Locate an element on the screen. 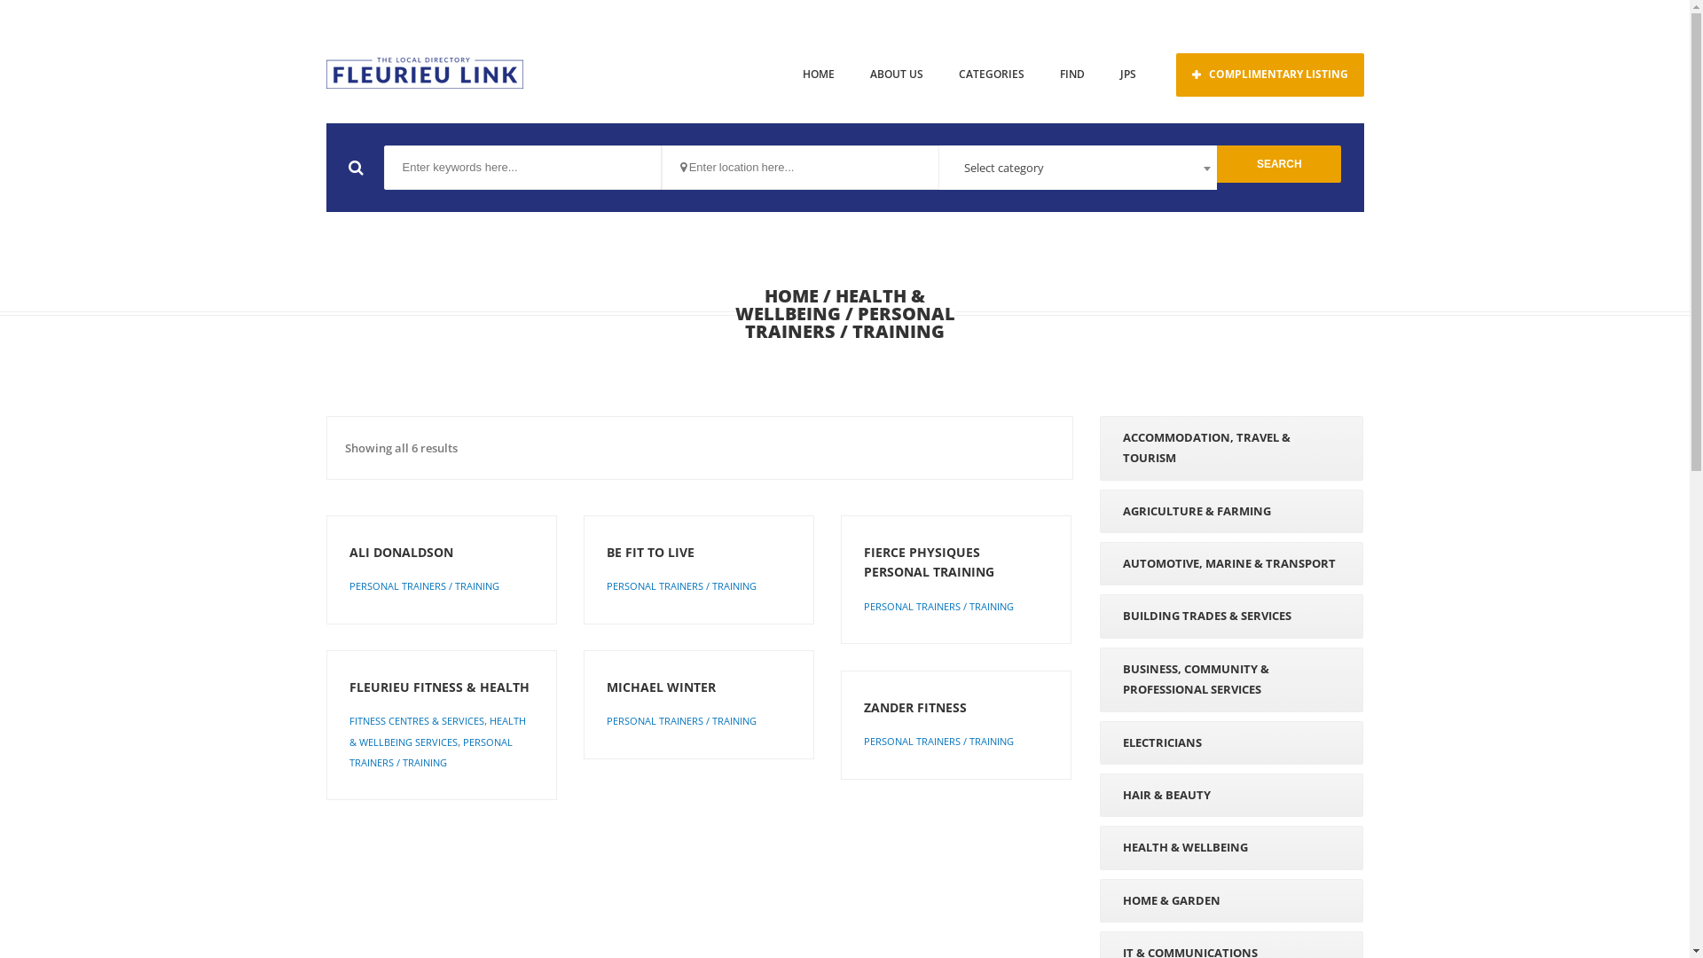 The height and width of the screenshot is (958, 1703). 'HOME' is located at coordinates (790, 294).